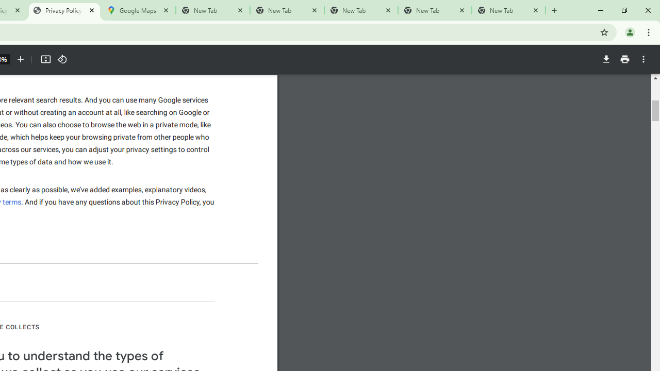  Describe the element at coordinates (138, 10) in the screenshot. I see `'Google Maps'` at that location.